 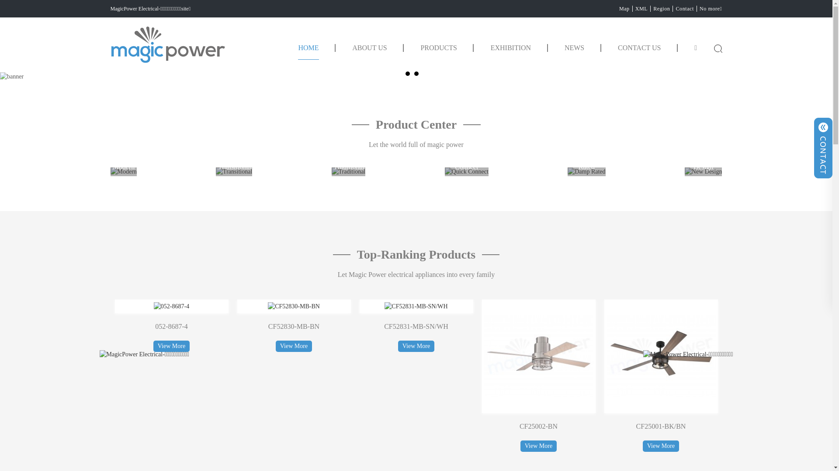 I want to click on 'ABOUT US', so click(x=352, y=51).